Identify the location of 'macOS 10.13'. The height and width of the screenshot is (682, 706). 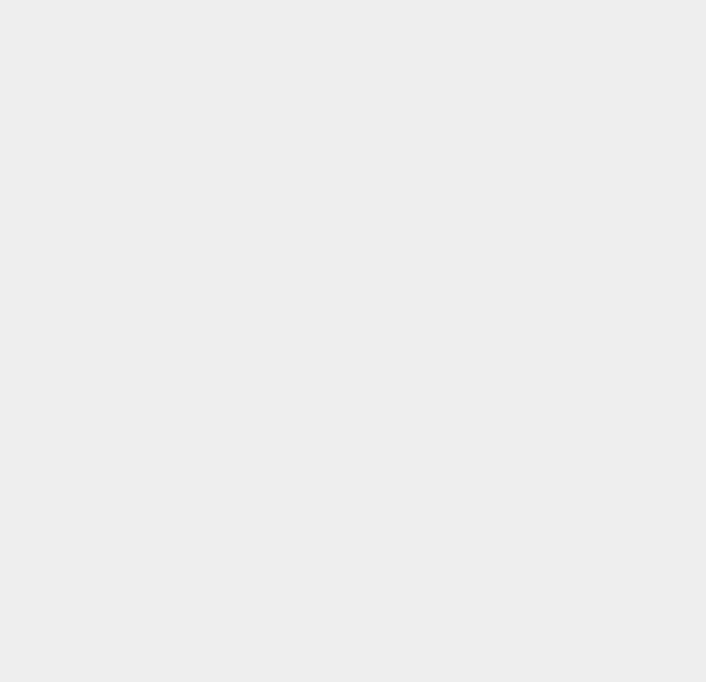
(526, 451).